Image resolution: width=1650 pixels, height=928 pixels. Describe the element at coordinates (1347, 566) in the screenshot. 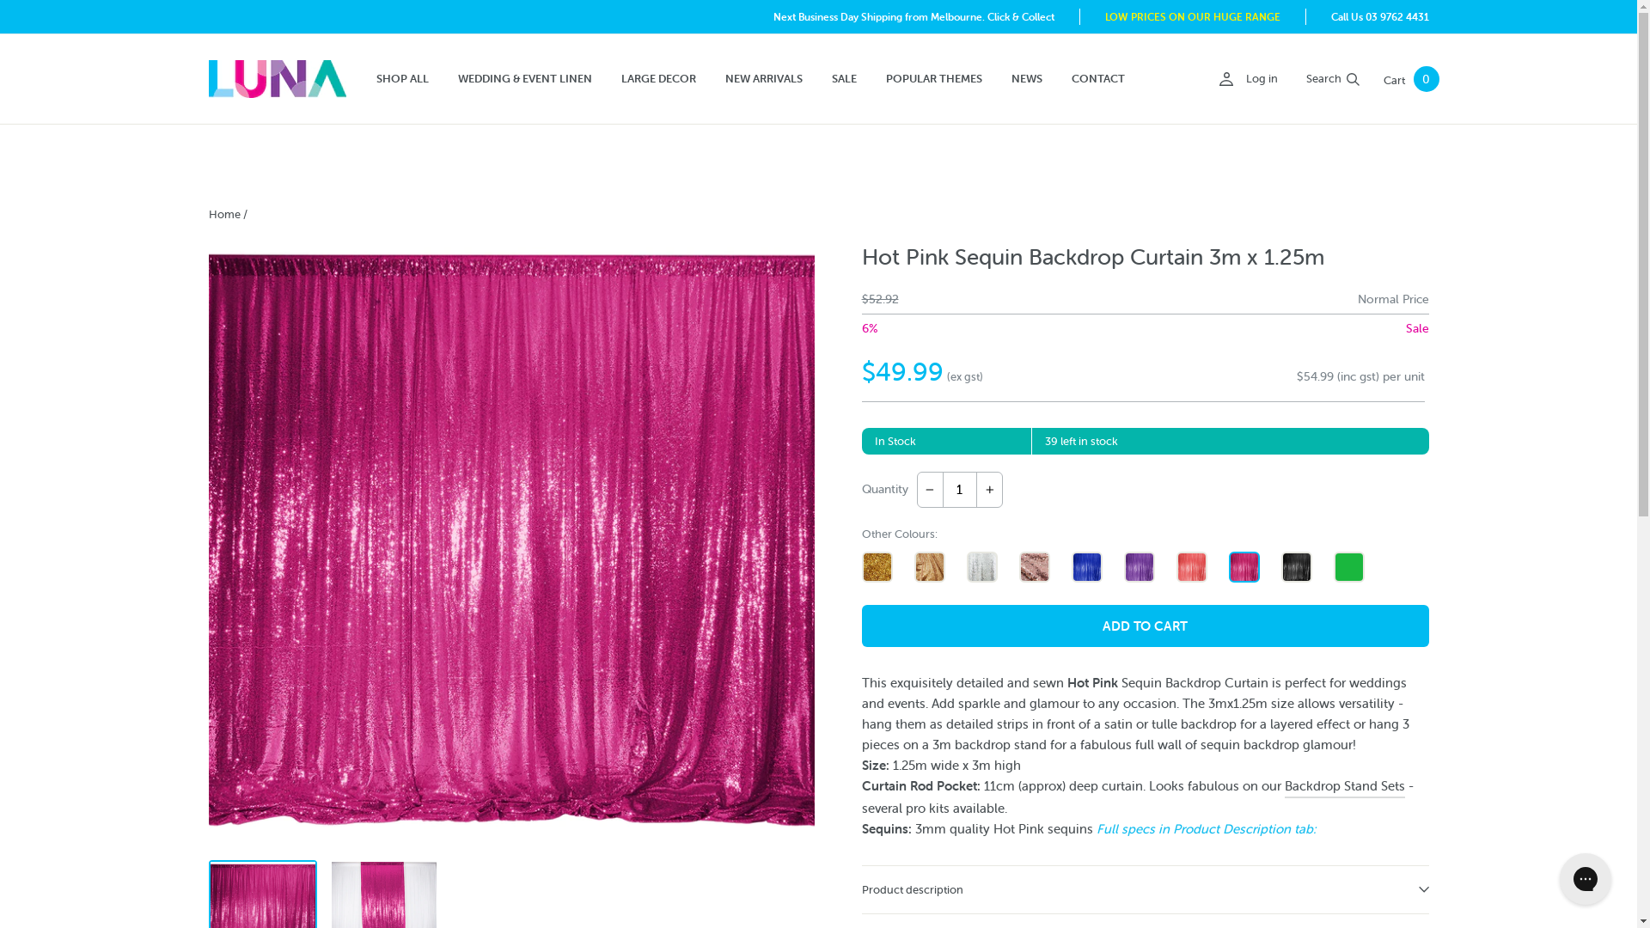

I see `'Green'` at that location.